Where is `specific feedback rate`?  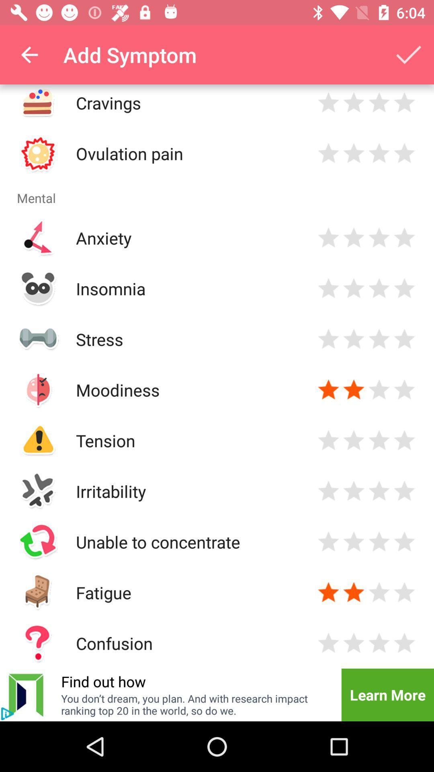
specific feedback rate is located at coordinates (379, 153).